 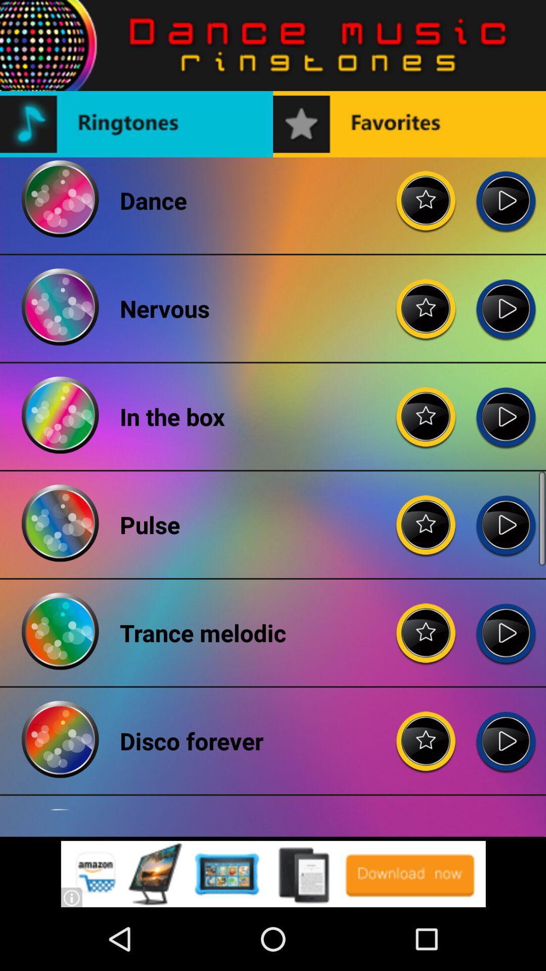 I want to click on pulse audio, so click(x=506, y=517).